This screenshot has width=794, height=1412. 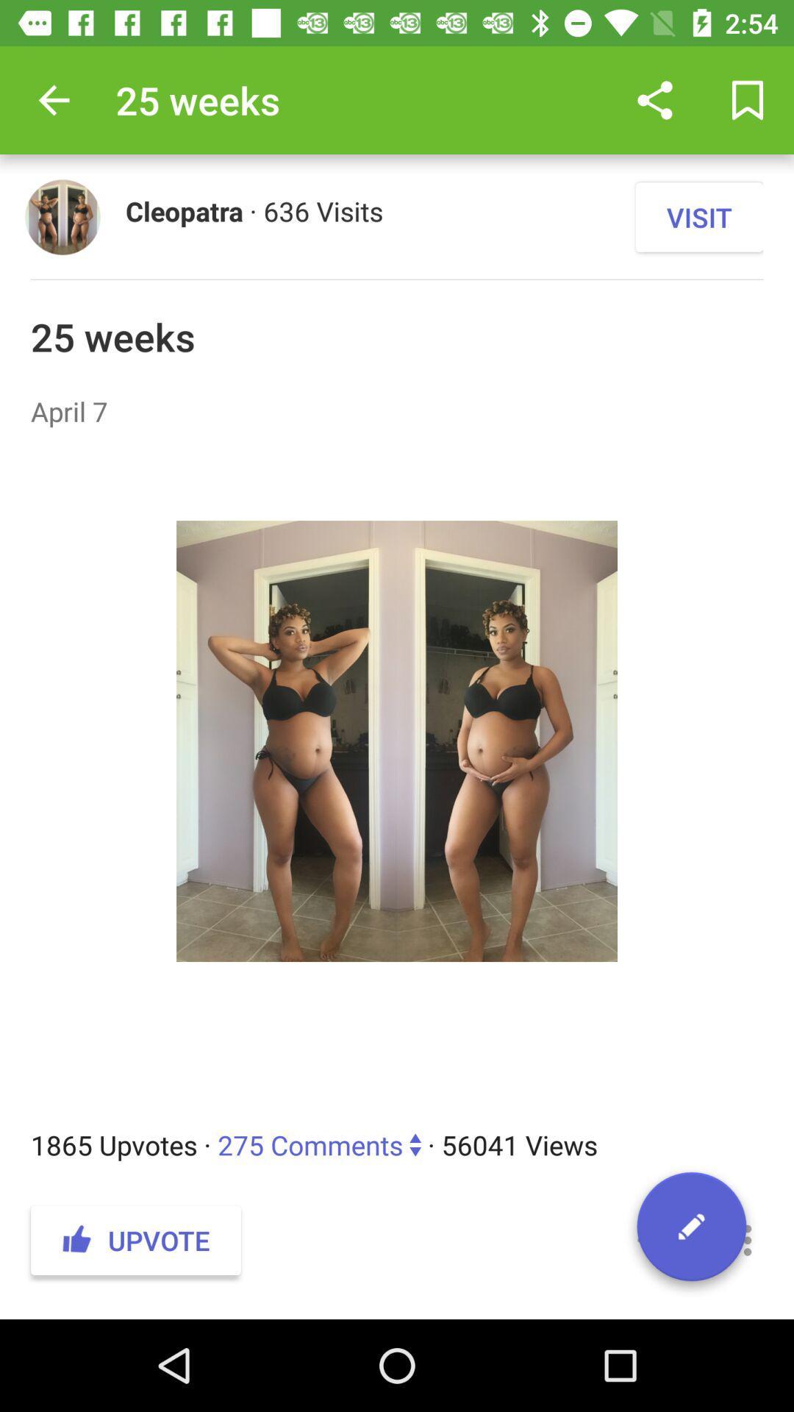 I want to click on app to the right of 25 weeks app, so click(x=654, y=99).